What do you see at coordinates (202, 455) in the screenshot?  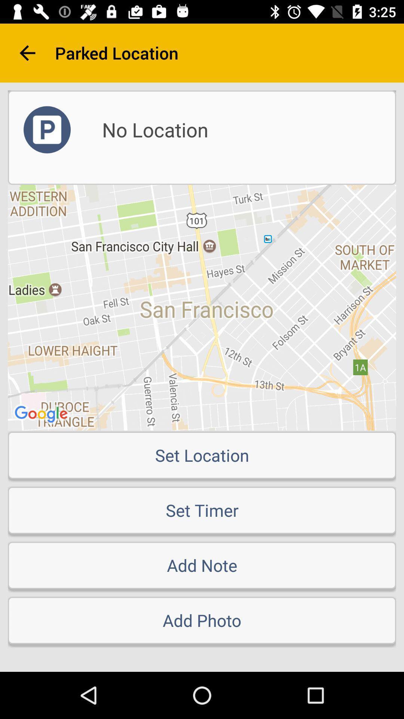 I see `set location icon` at bounding box center [202, 455].